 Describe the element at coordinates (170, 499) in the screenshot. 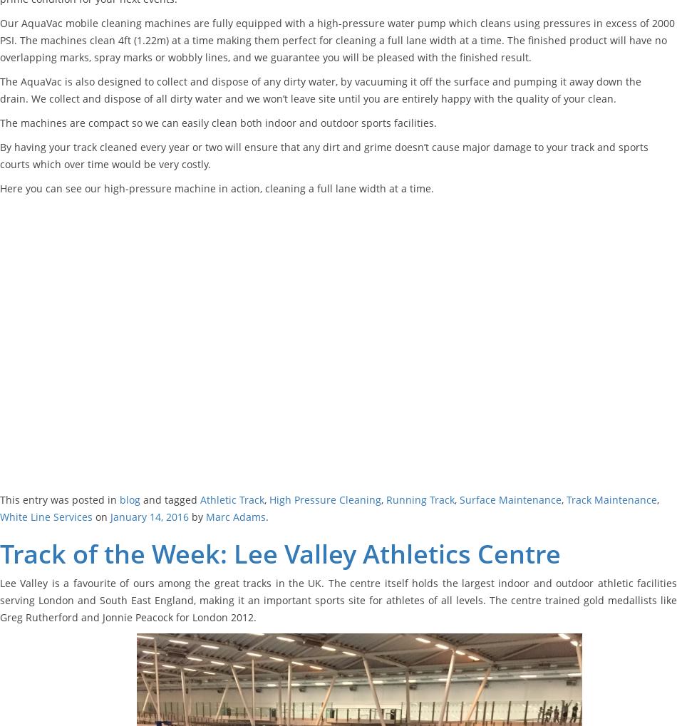

I see `'and tagged'` at that location.